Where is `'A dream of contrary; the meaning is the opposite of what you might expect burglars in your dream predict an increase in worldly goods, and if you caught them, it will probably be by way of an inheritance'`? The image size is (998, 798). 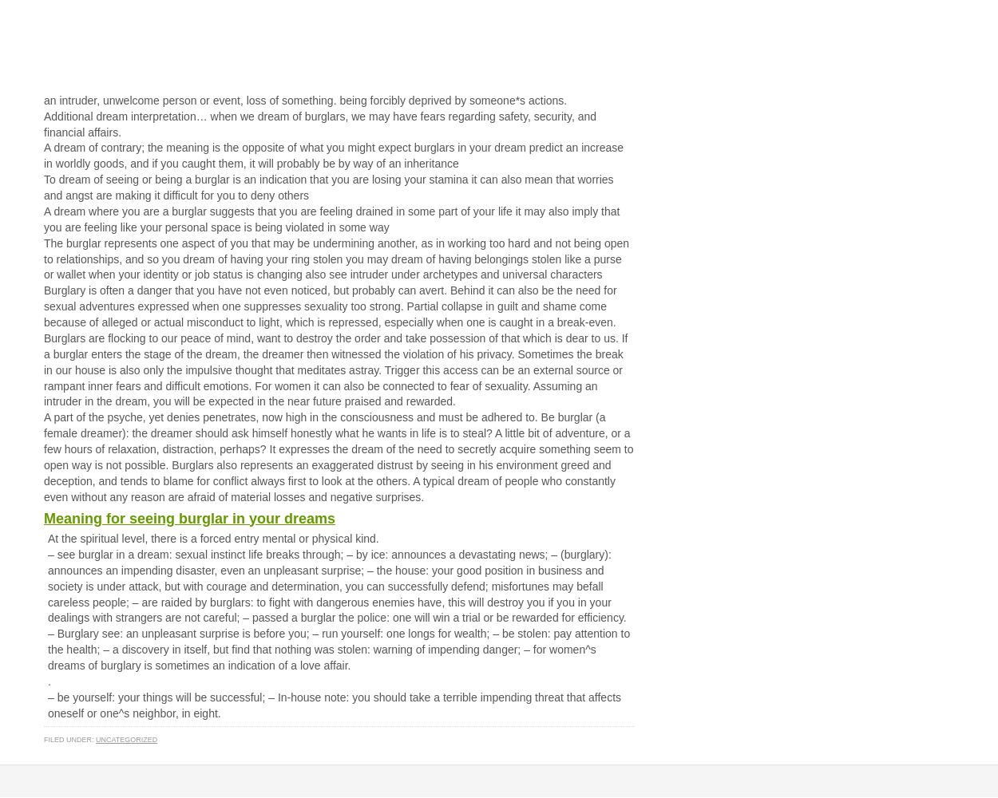 'A dream of contrary; the meaning is the opposite of what you might expect burglars in your dream predict an increase in worldly goods, and if you caught them, it will probably be by way of an inheritance' is located at coordinates (333, 155).